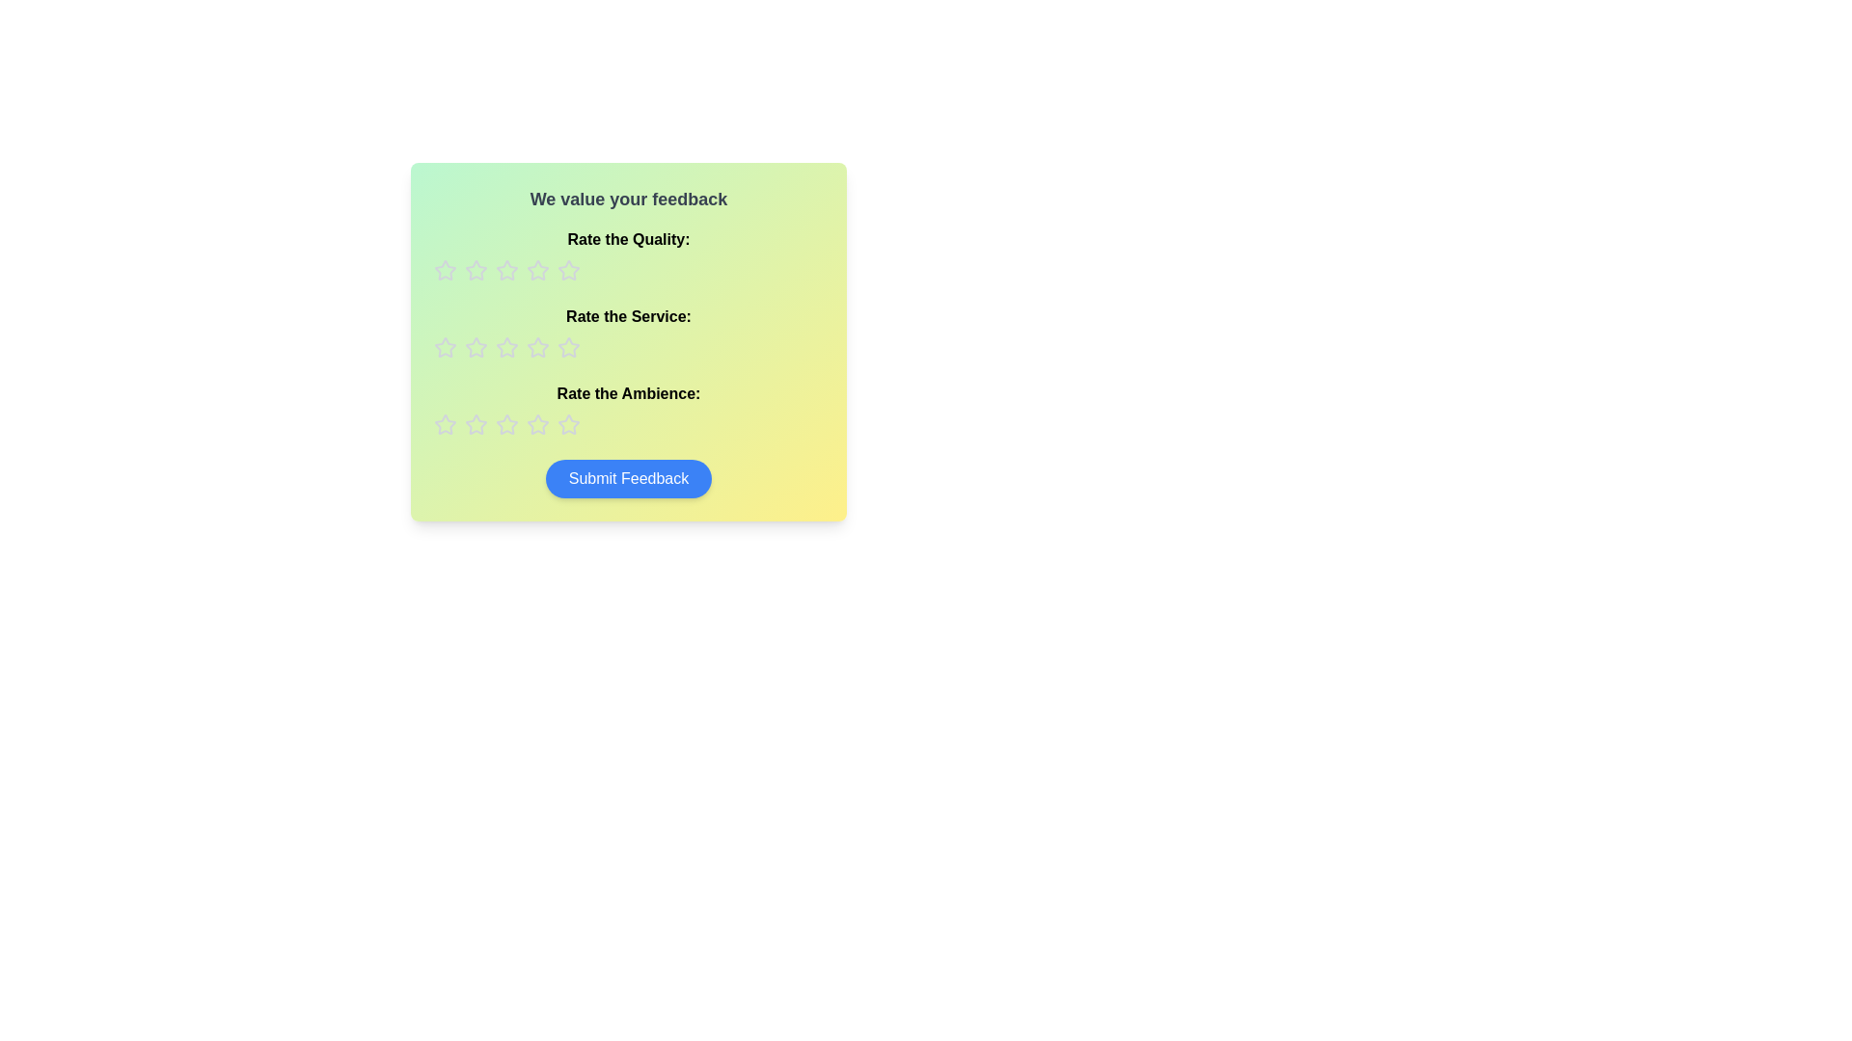  Describe the element at coordinates (629, 254) in the screenshot. I see `the 'Quality' rating title text label, which is the first header in the rating area, positioned beneath 'We value your feedback' and above the rating stars` at that location.